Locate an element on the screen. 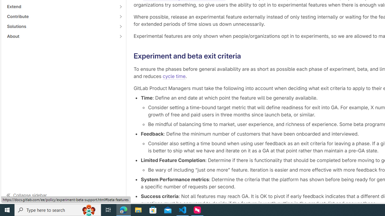 Image resolution: width=385 pixels, height=216 pixels. 'cycle time' is located at coordinates (174, 76).